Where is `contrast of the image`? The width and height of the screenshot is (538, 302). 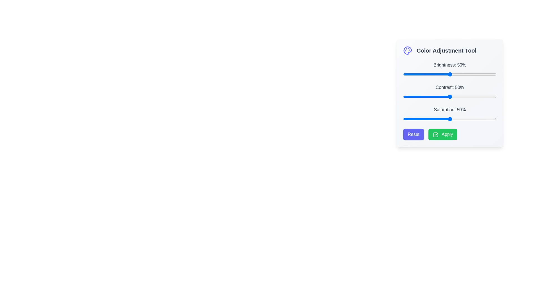 contrast of the image is located at coordinates (413, 96).